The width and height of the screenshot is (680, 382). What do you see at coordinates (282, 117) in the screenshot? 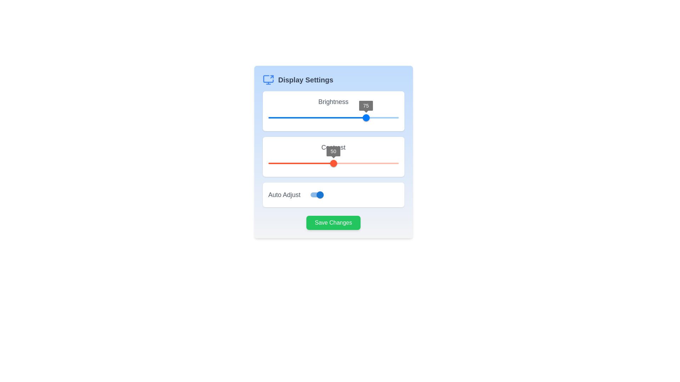
I see `the brightness slider` at bounding box center [282, 117].